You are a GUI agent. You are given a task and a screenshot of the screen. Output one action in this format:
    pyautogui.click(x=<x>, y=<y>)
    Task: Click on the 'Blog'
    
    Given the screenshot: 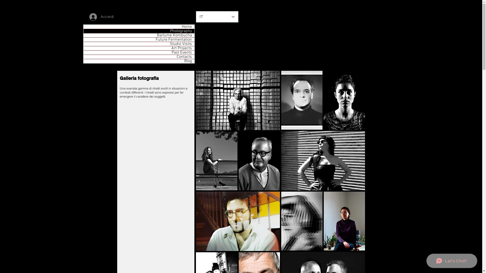 What is the action you would take?
    pyautogui.click(x=139, y=61)
    